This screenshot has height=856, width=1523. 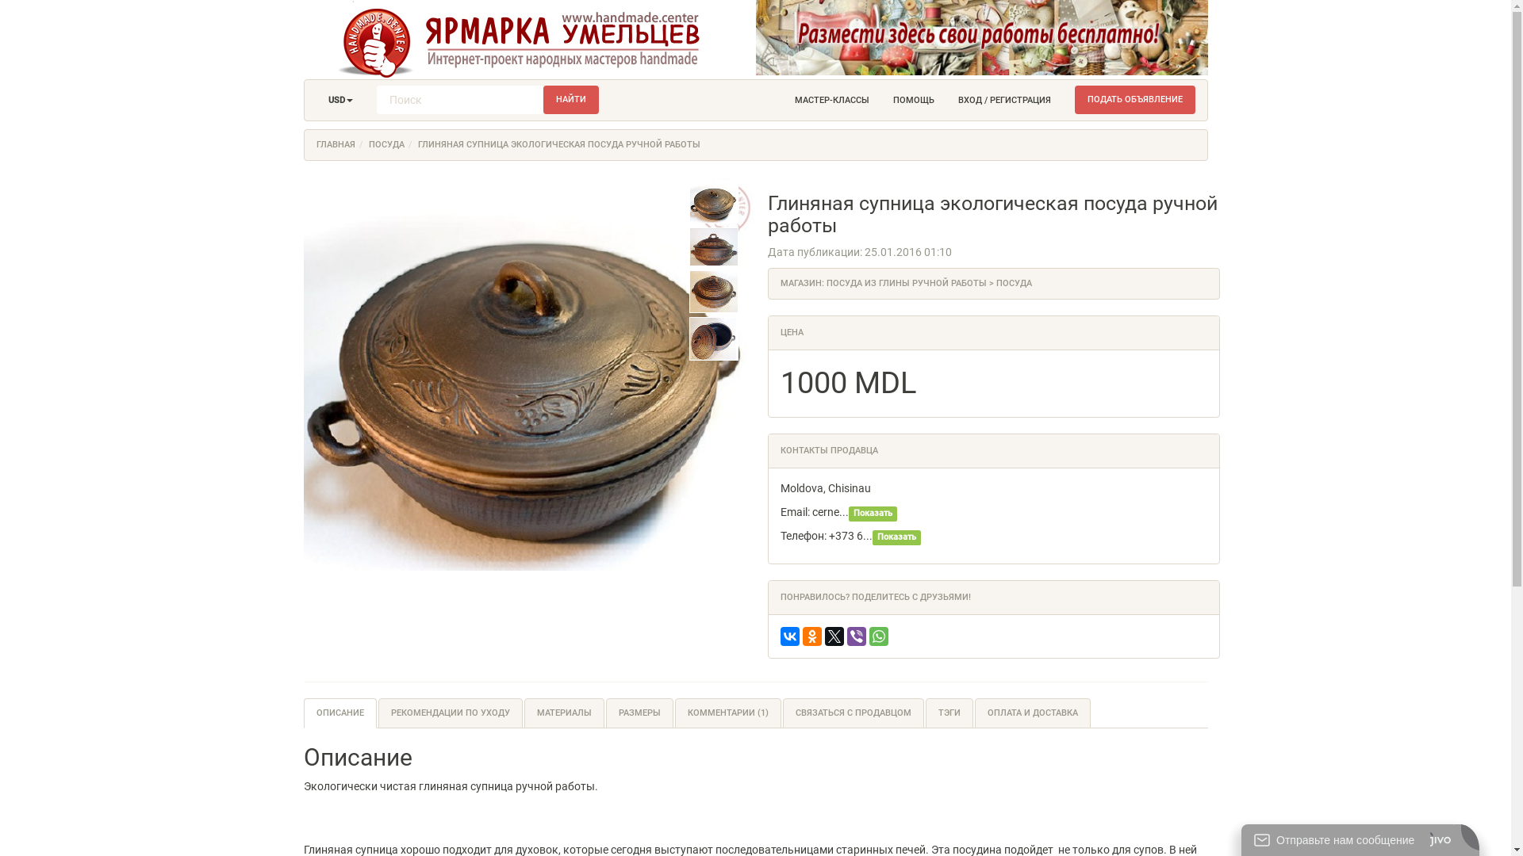 What do you see at coordinates (833, 635) in the screenshot?
I see `'Twitter'` at bounding box center [833, 635].